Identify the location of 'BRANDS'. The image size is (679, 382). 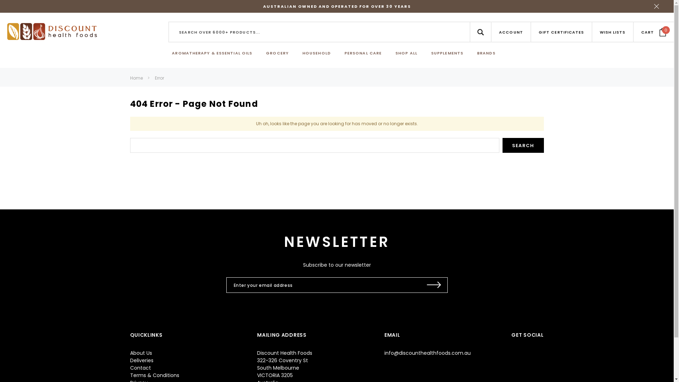
(477, 53).